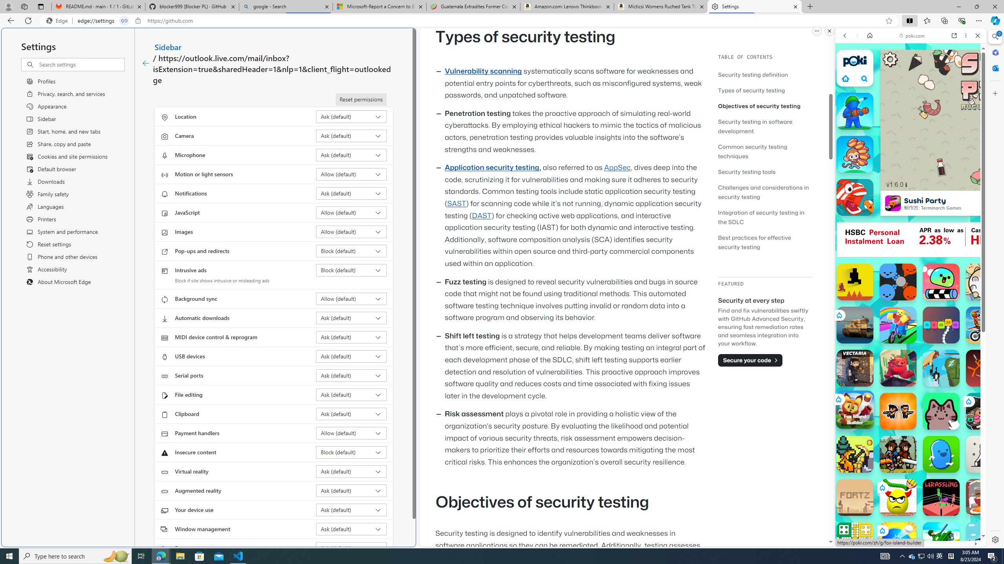 The image size is (1004, 564). Describe the element at coordinates (854, 497) in the screenshot. I see `'Fortz Fortz'` at that location.